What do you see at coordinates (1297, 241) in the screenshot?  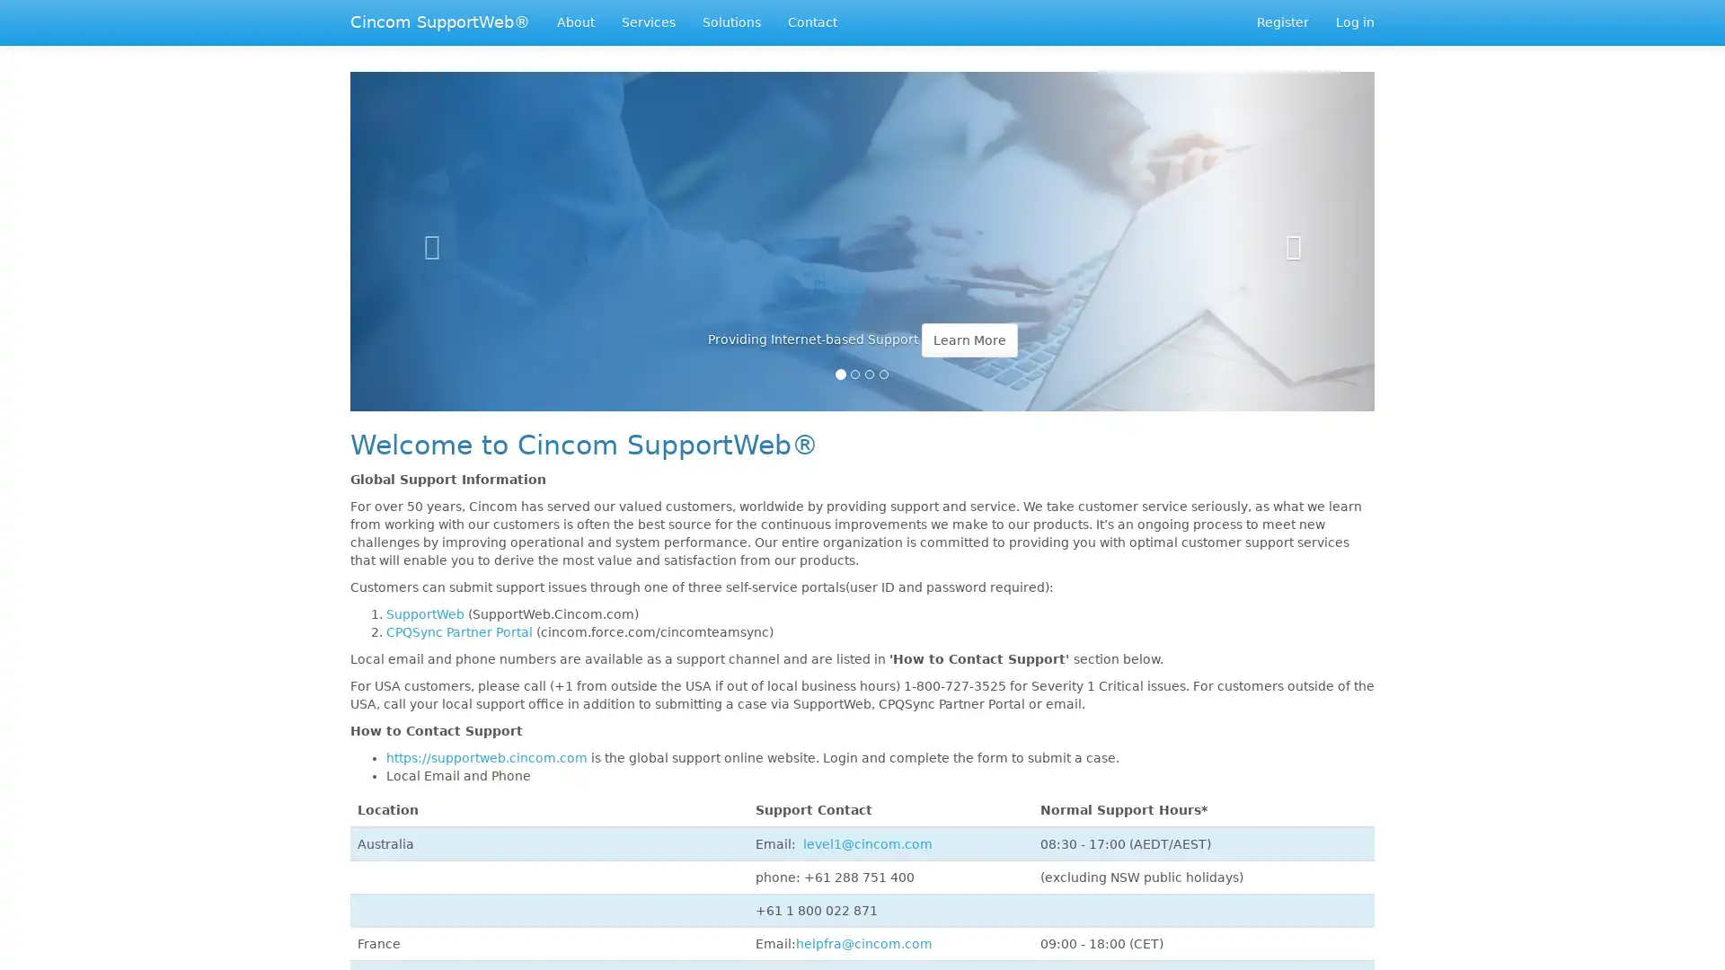 I see `Next` at bounding box center [1297, 241].